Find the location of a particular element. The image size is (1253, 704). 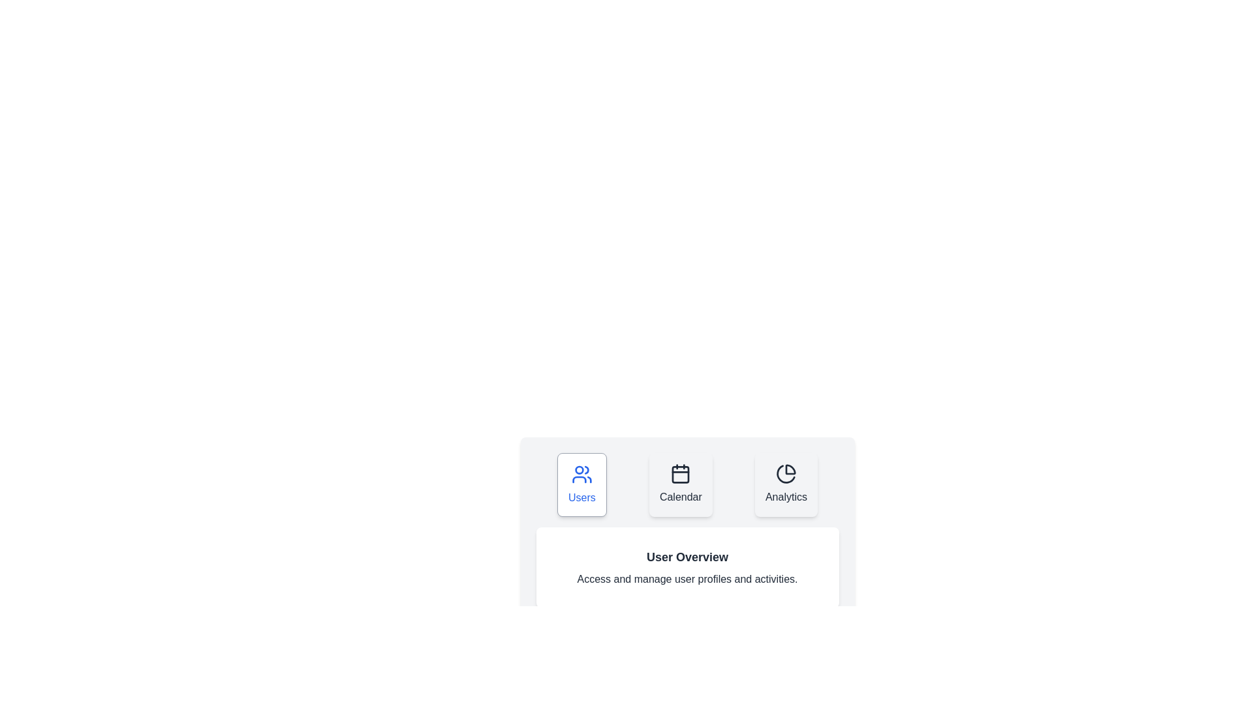

the pie chart icon, which is part of the 'Analytics' button, positioned as the third item in a horizontal row of user options is located at coordinates (785, 473).